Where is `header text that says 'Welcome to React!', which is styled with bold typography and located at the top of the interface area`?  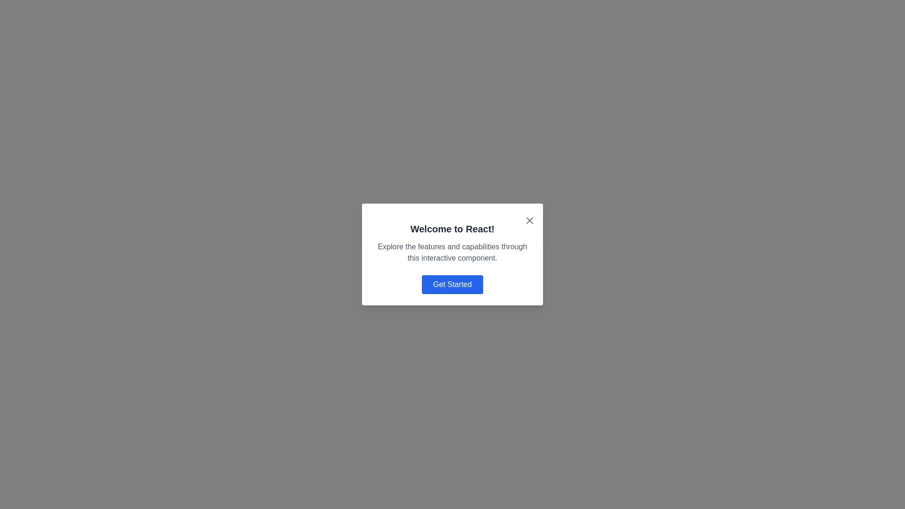
header text that says 'Welcome to React!', which is styled with bold typography and located at the top of the interface area is located at coordinates (452, 229).